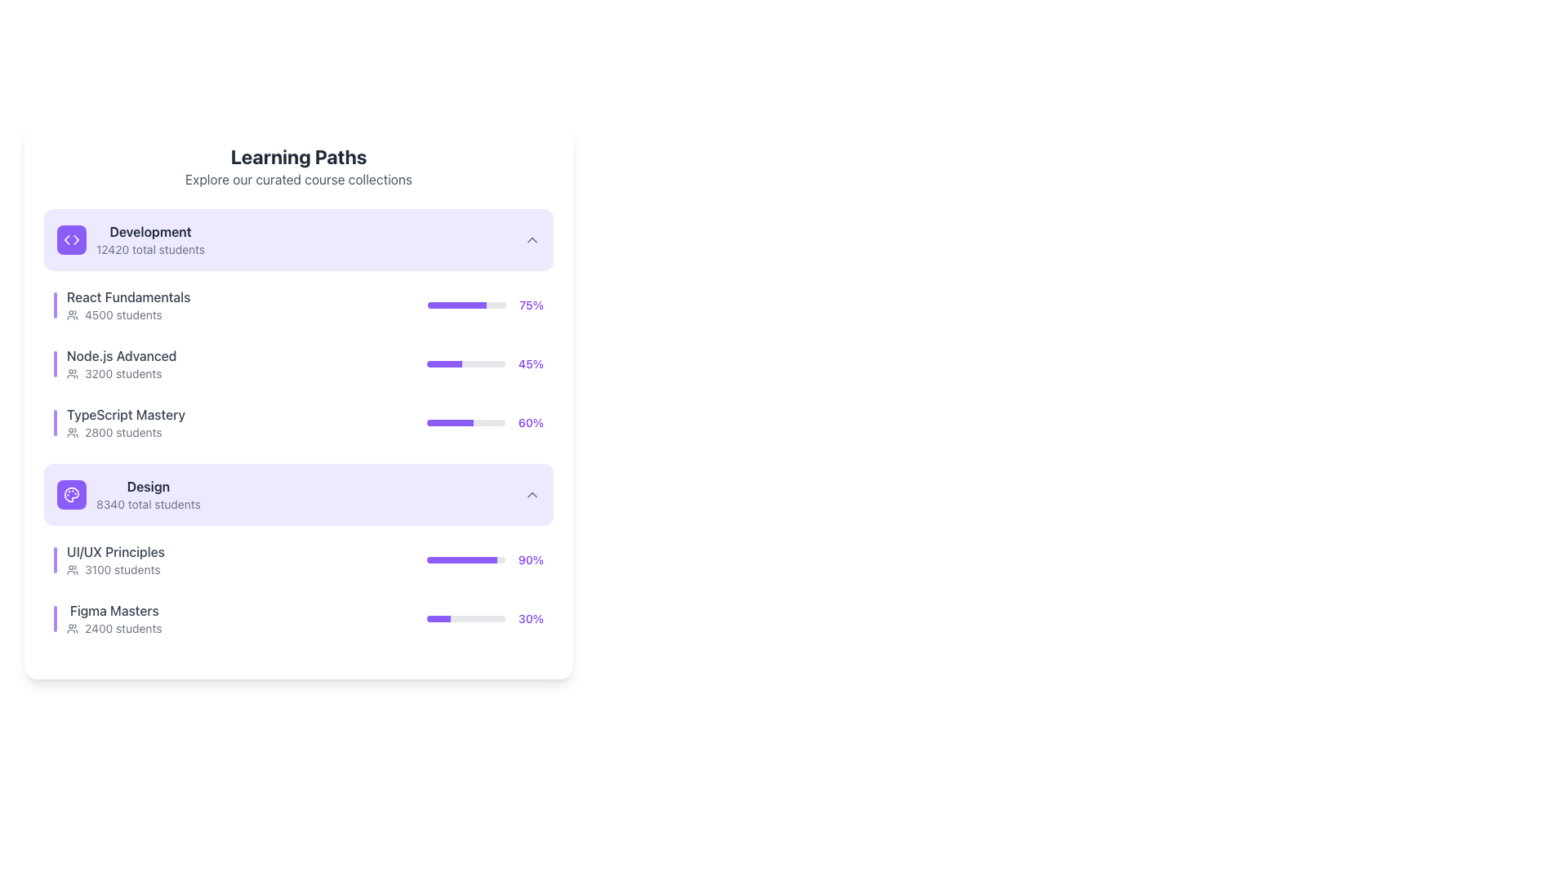 The image size is (1568, 882). I want to click on the 'TypeScript Mastery' hyperlink in the third list item under the 'Development' section to observe hover effects, so click(118, 421).